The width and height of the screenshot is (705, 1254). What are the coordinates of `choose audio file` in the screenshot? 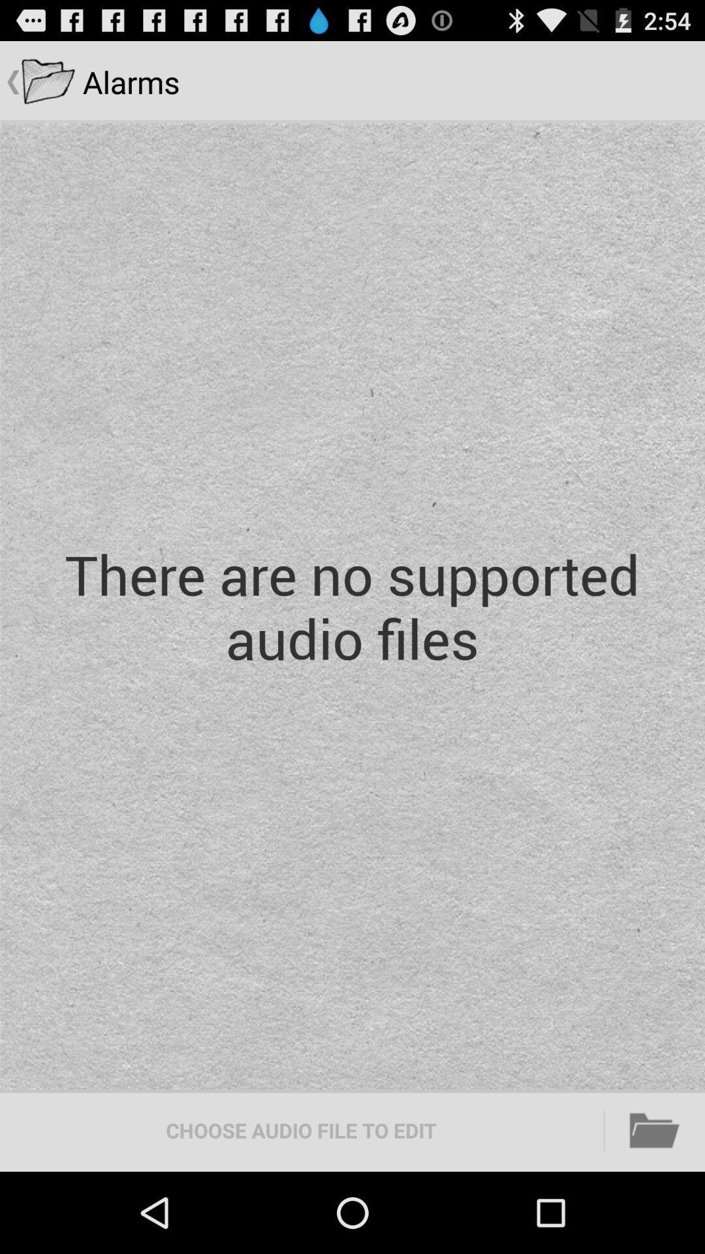 It's located at (301, 1130).